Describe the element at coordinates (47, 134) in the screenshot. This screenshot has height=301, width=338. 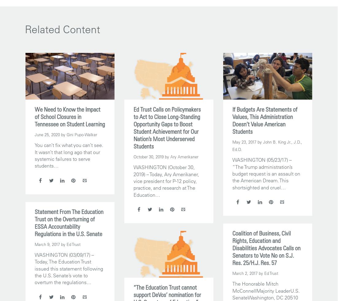
I see `'June 25, 2020'` at that location.